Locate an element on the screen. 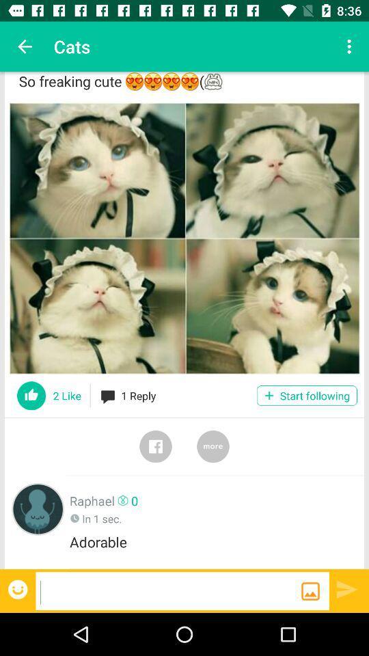 Image resolution: width=369 pixels, height=656 pixels. switch more option is located at coordinates (213, 446).